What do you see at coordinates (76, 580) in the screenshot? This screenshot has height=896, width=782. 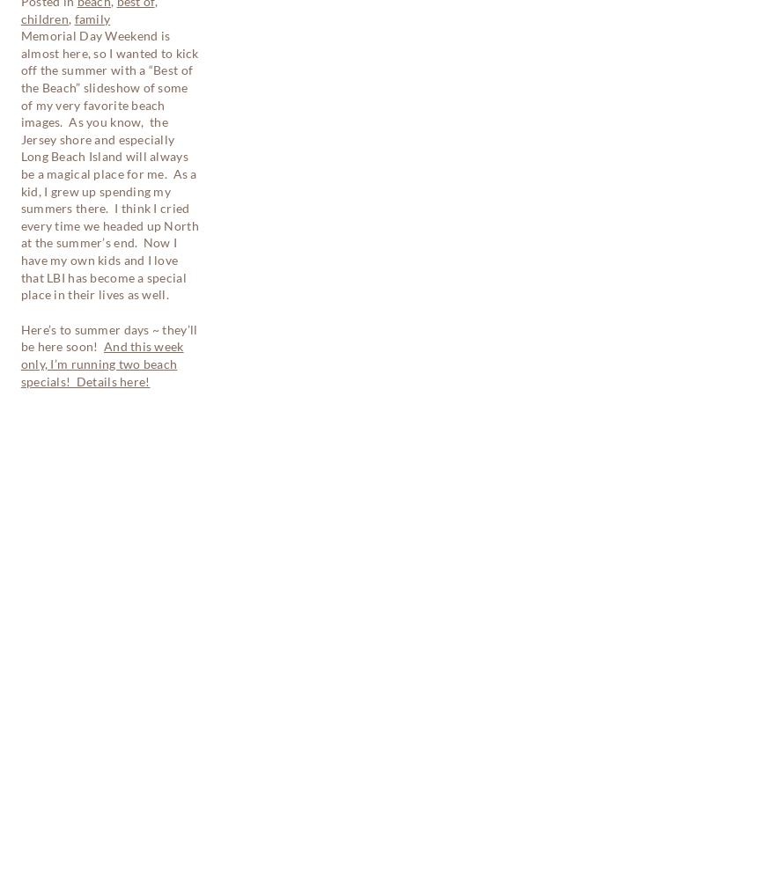 I see `'children'` at bounding box center [76, 580].